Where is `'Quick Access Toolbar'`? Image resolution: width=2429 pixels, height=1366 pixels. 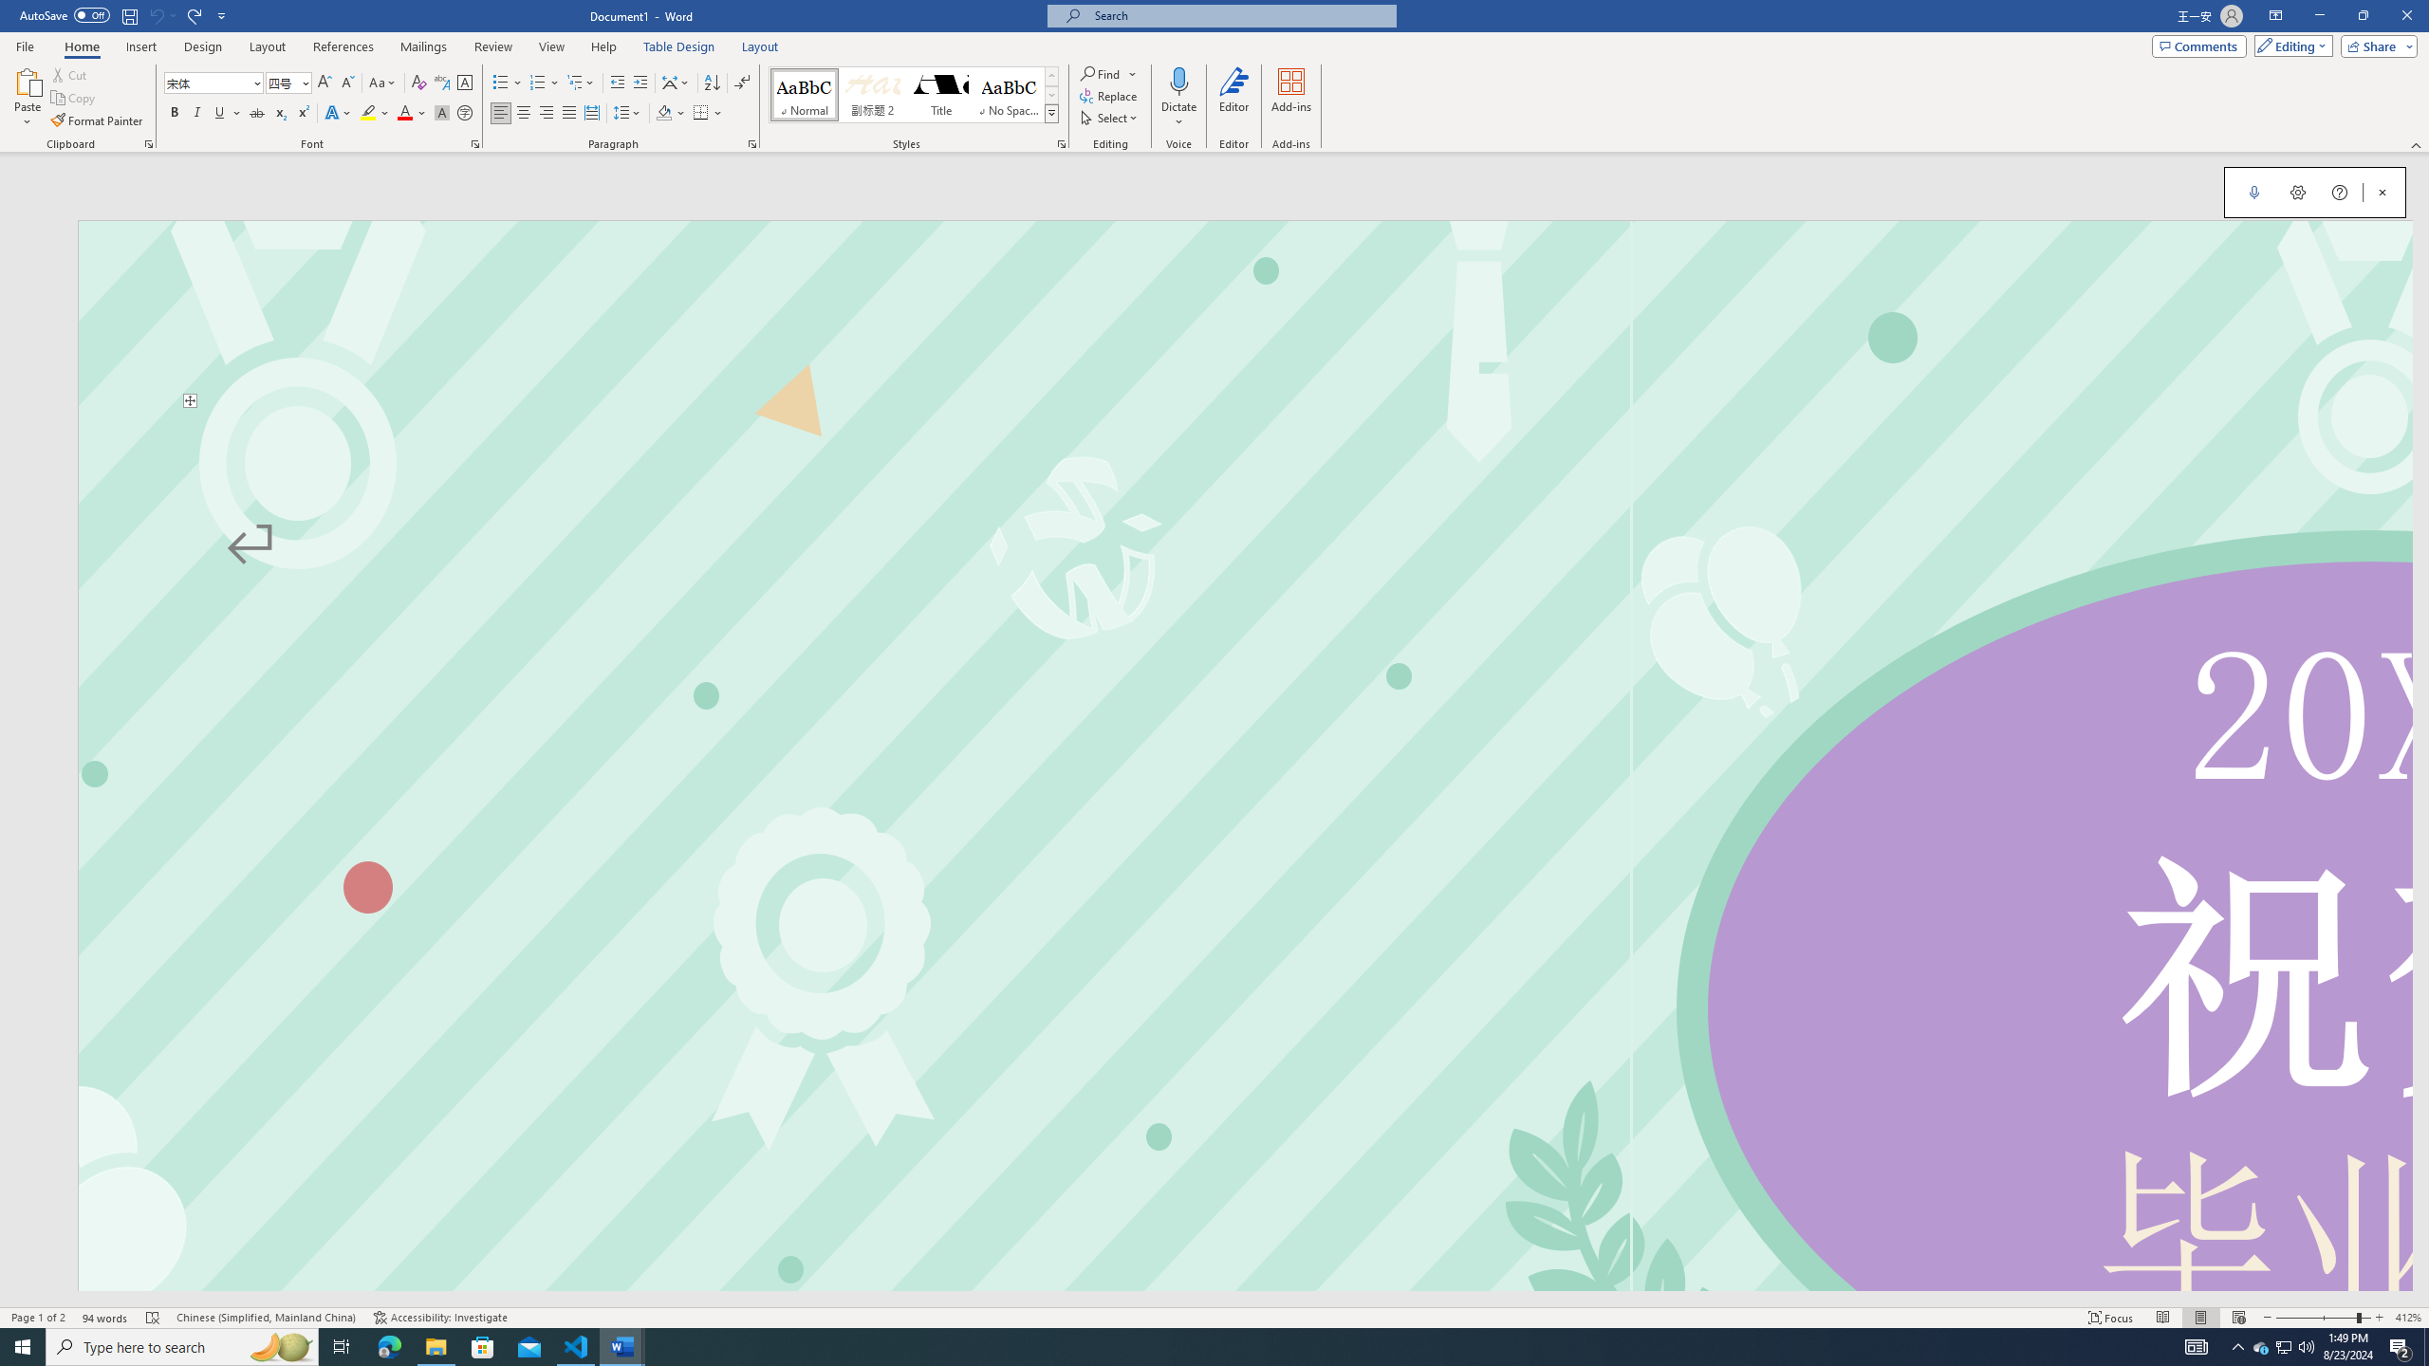
'Quick Access Toolbar' is located at coordinates (123, 15).